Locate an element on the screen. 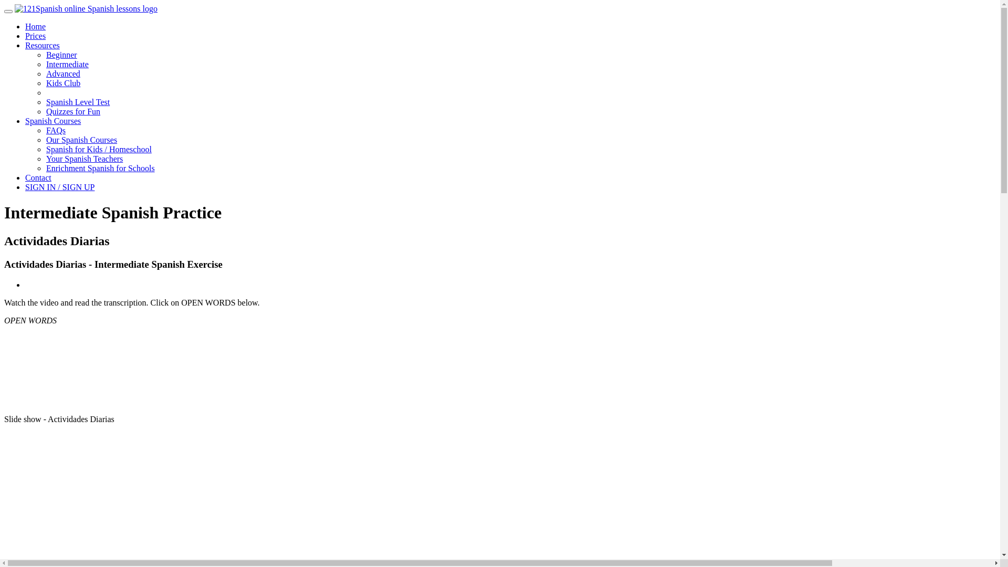 Image resolution: width=1008 pixels, height=567 pixels. 'Our Spanish Courses' is located at coordinates (81, 139).